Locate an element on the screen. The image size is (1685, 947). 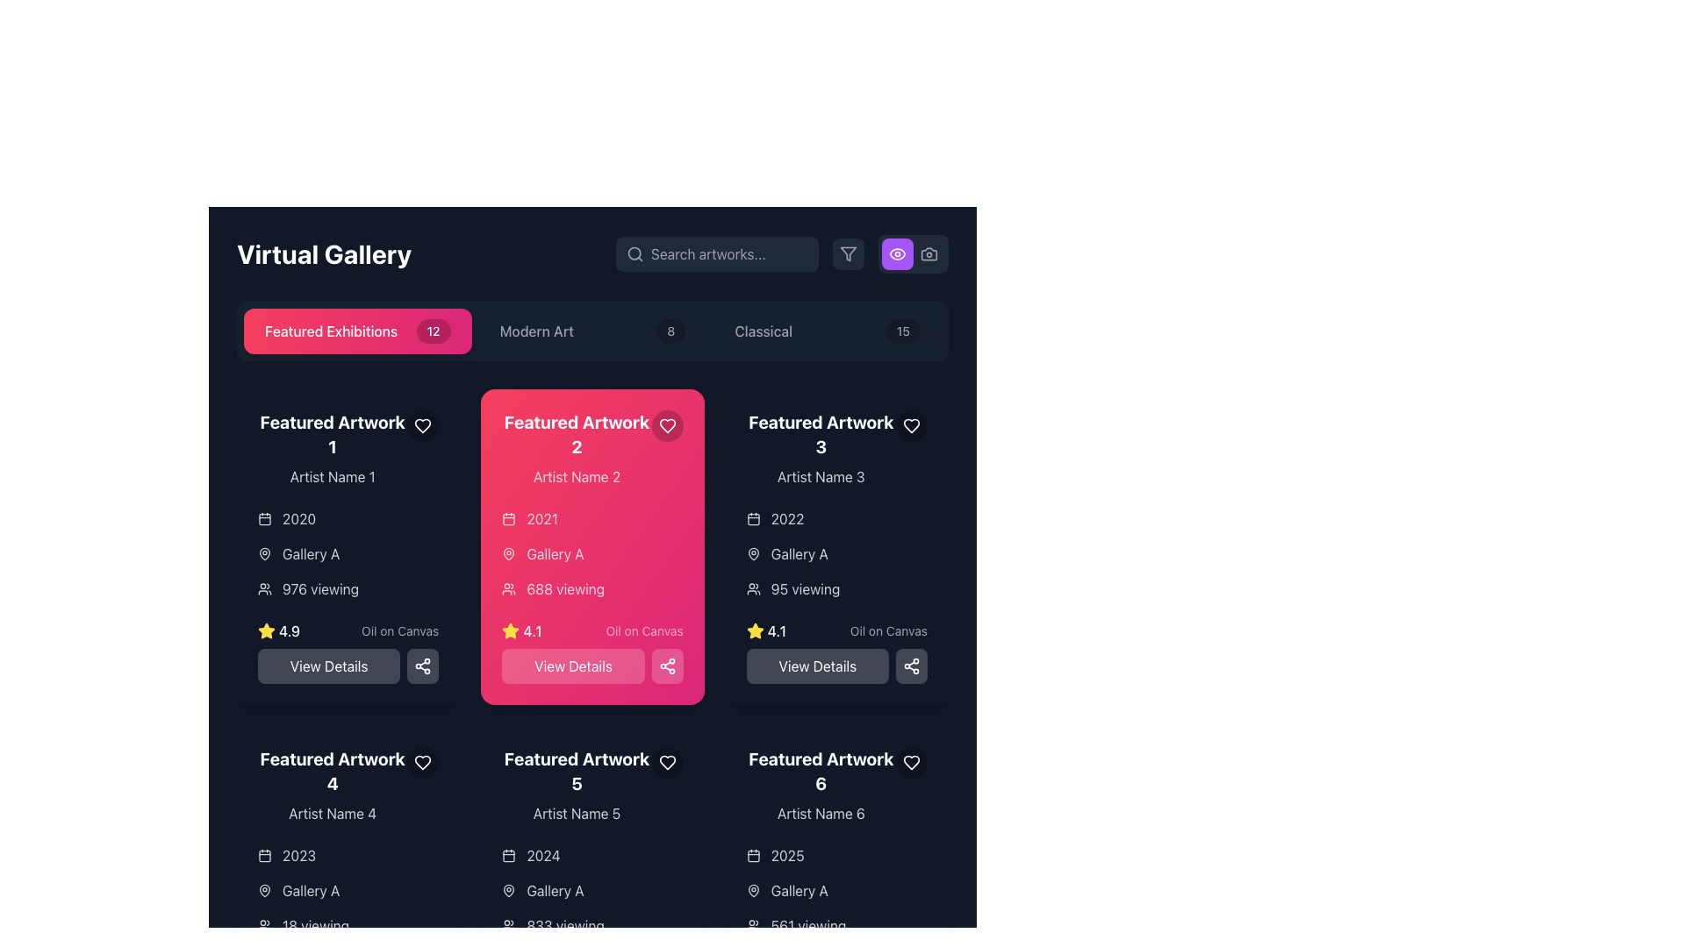
the heart icon button located in the top-right corner of the 'Featured Artwork 2' card to mark the associated artwork as a favorite is located at coordinates (423, 426).